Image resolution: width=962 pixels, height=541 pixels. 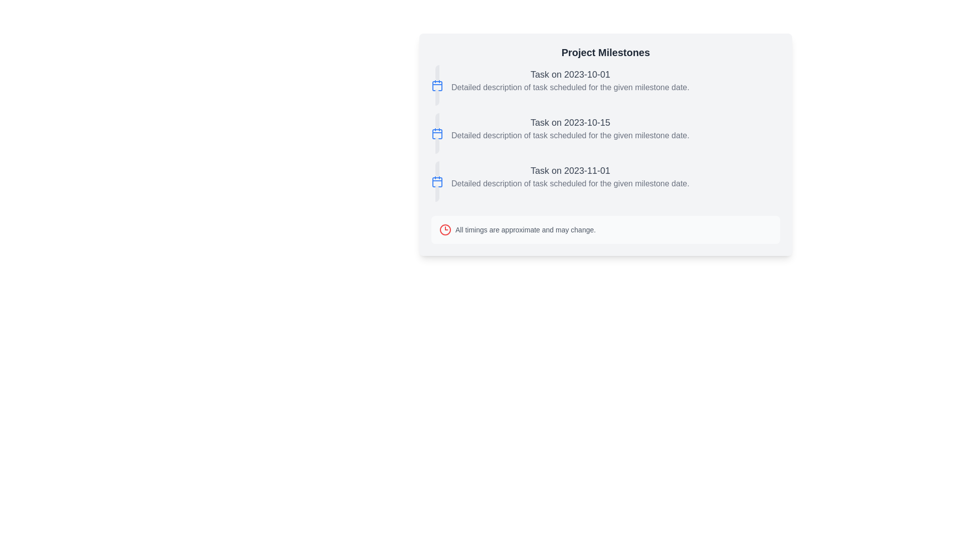 I want to click on the second milestone icon in the vertically arranged timeline interface, which visually indicates a task's specific date, so click(x=437, y=133).